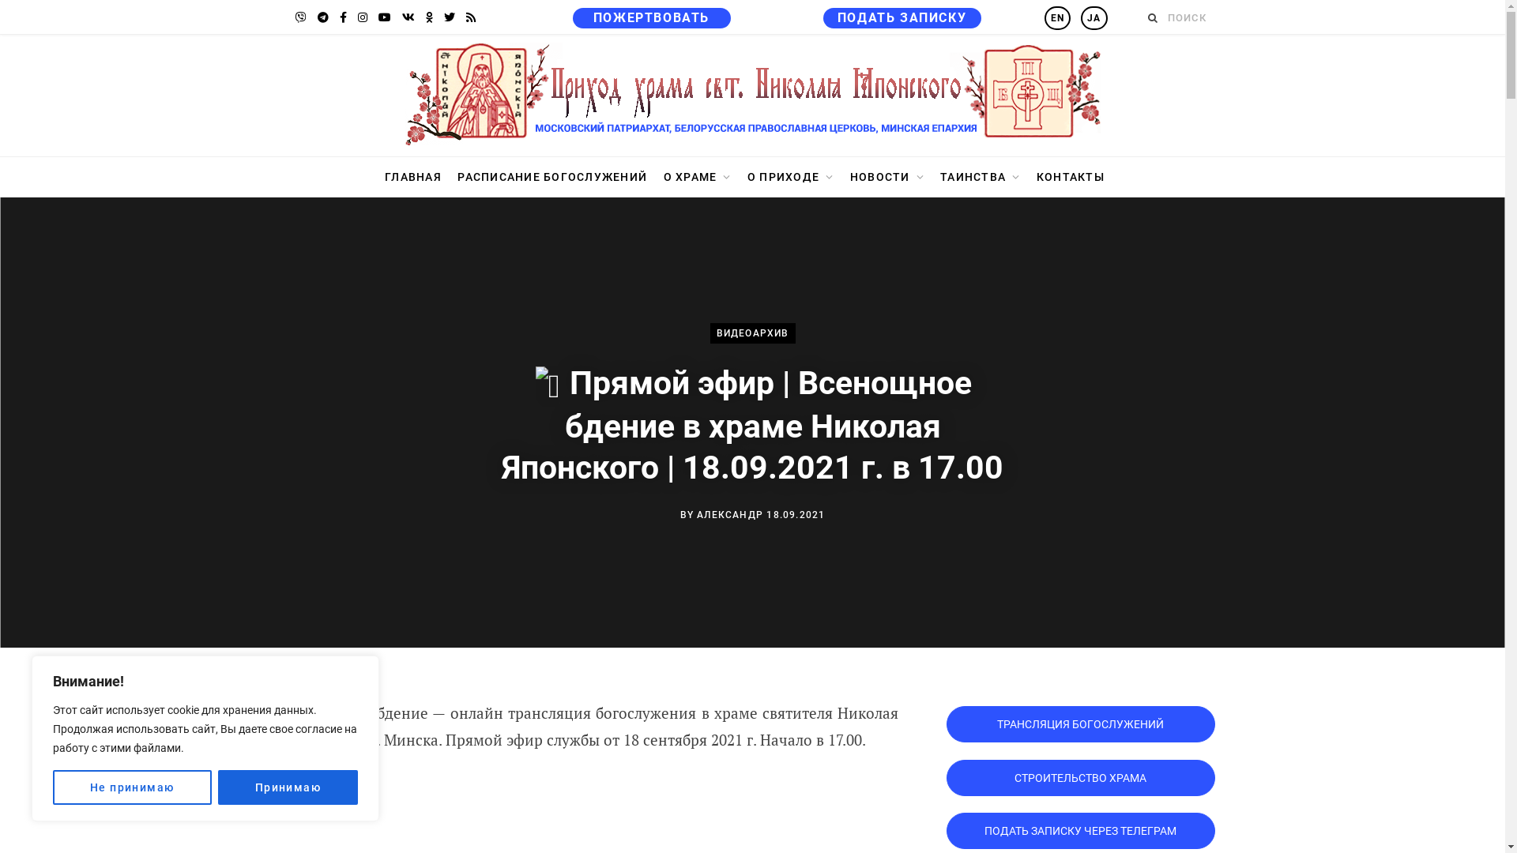 The width and height of the screenshot is (1517, 853). What do you see at coordinates (428, 17) in the screenshot?
I see `'Last.fm'` at bounding box center [428, 17].